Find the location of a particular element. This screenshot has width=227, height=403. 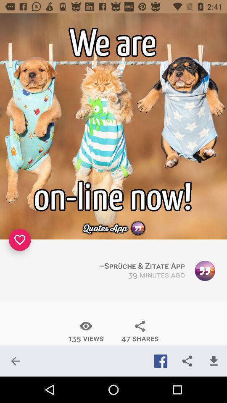

heart post is located at coordinates (20, 240).